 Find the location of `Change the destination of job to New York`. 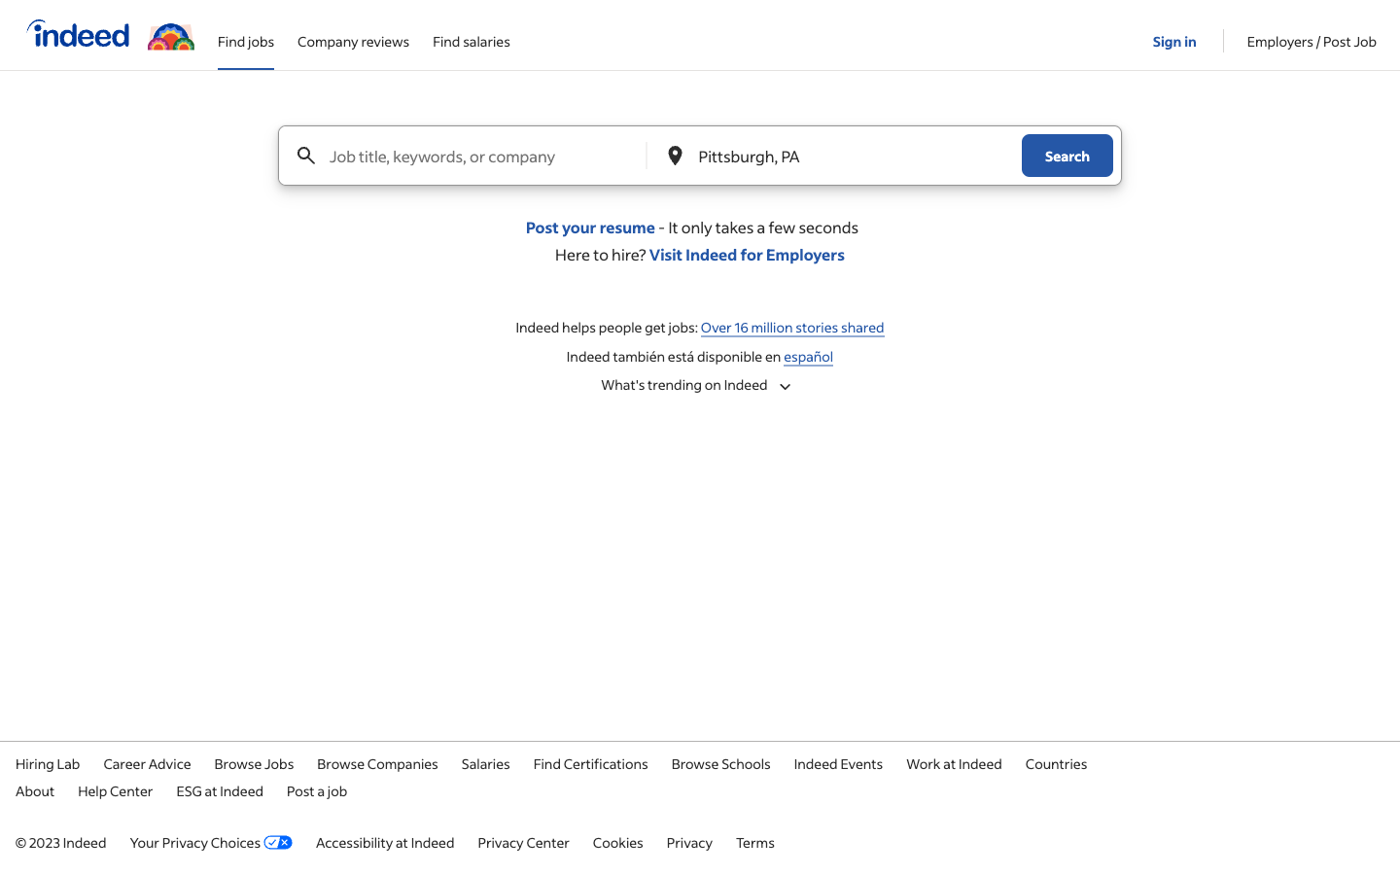

Change the destination of job to New York is located at coordinates (837, 156).